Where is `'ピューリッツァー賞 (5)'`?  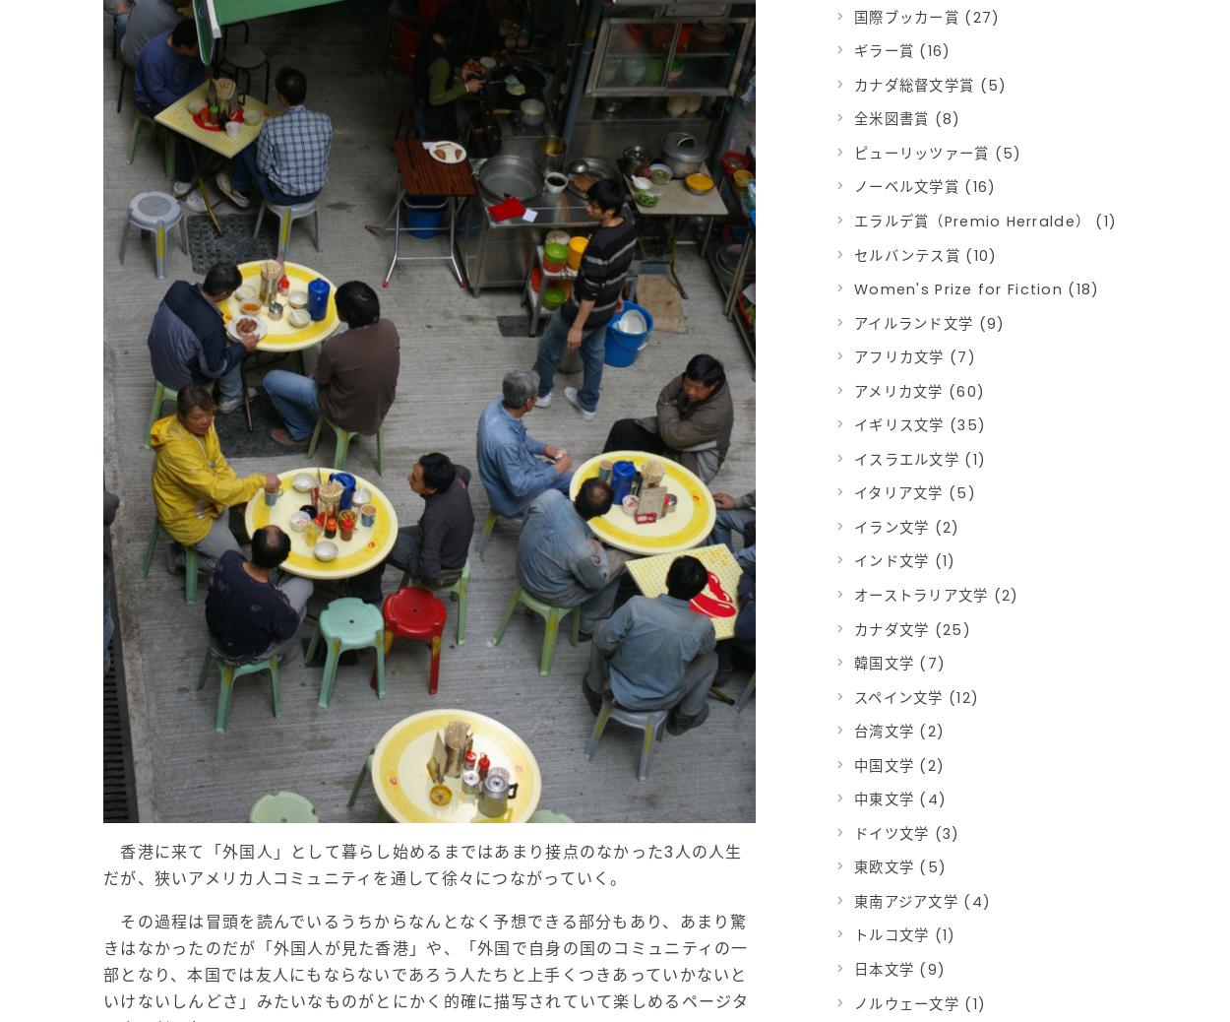
'ピューリッツァー賞 (5)' is located at coordinates (853, 151).